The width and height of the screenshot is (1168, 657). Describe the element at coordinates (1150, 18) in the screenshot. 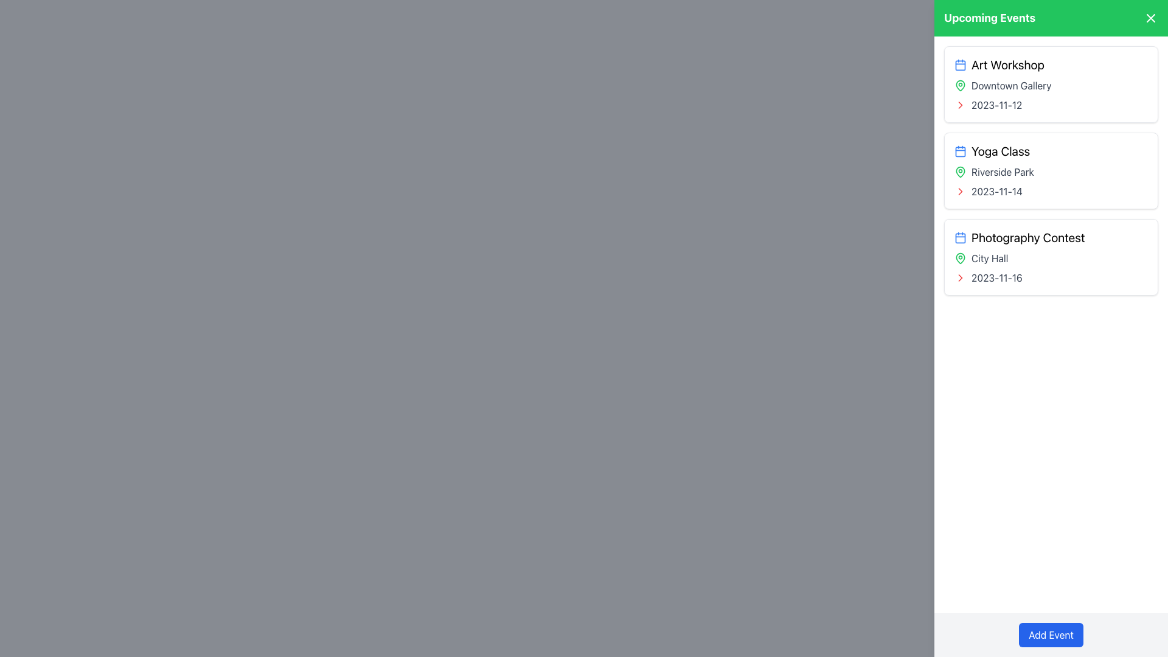

I see `the close button located in the top-right corner of the 'Upcoming Events' section header, which is a green bar` at that location.